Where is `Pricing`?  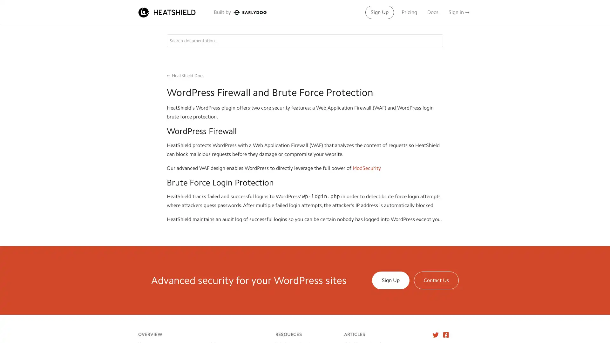
Pricing is located at coordinates (409, 12).